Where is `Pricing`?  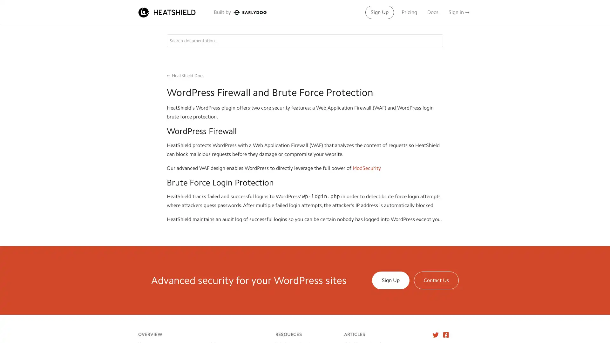
Pricing is located at coordinates (409, 12).